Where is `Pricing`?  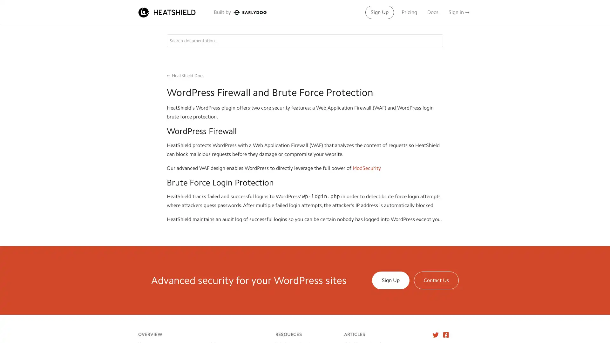
Pricing is located at coordinates (409, 12).